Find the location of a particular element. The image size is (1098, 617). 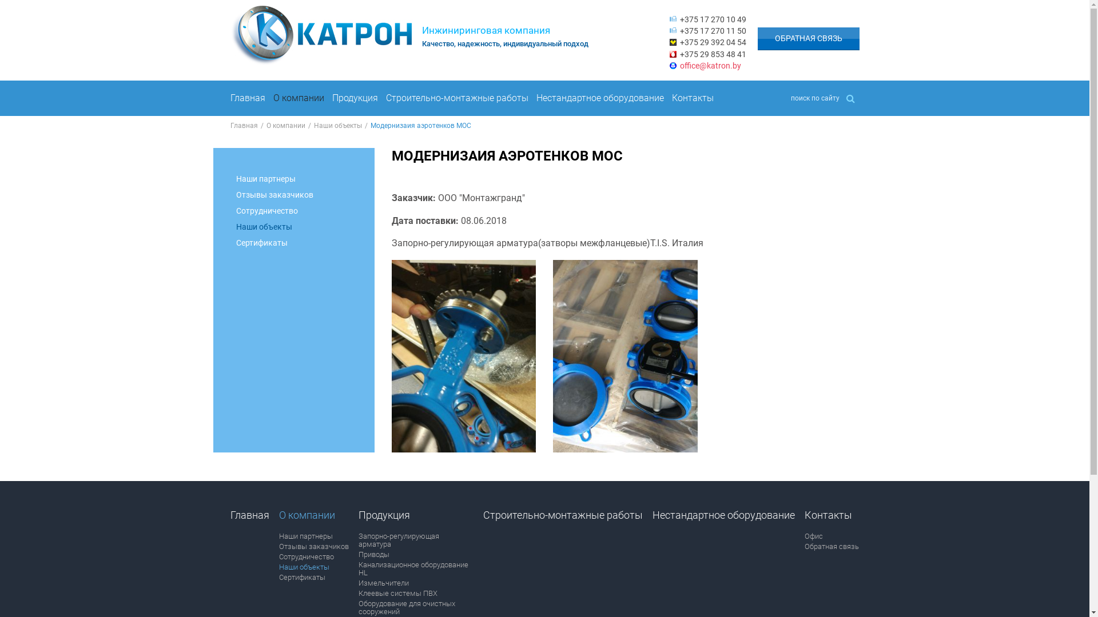

'office@katron.by' is located at coordinates (679, 66).